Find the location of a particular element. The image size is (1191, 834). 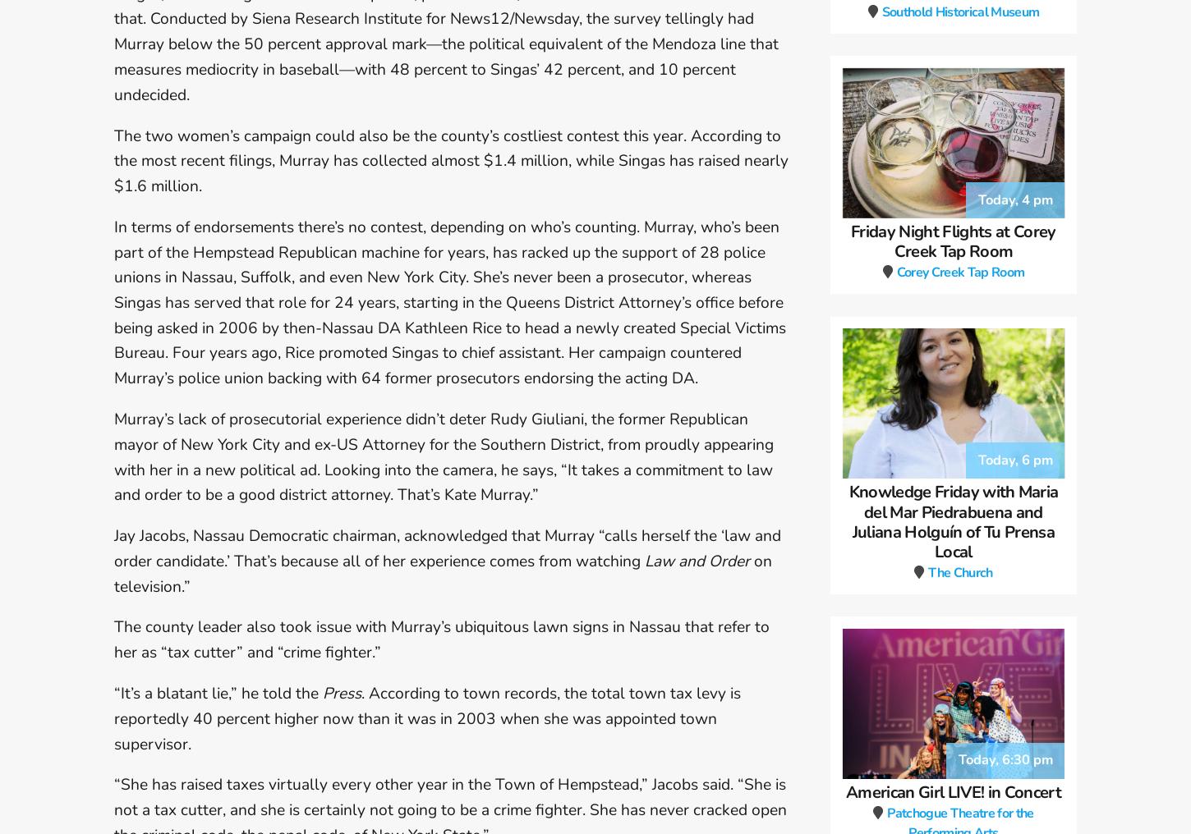

'In terms of endorsements there’s no contest, depending on who’s counting. Murray, who’s been part of the Hempstead Republican machine for years, has racked up the support of 28 police unions in Nassau, Suffolk, and even New York City. She’s never been a prosecutor, whereas Singas has served that role for 24 years, starting in the Queens District Attorney’s office before being asked in 2006 by then-Nassau DA Kathleen Rice to head a newly created Special Victims Bureau. Four years ago, Rice promoted Singas to chief assistant. Her campaign countered Murray’s police union backing with 64 former prosecutors endorsing the acting DA.' is located at coordinates (113, 302).